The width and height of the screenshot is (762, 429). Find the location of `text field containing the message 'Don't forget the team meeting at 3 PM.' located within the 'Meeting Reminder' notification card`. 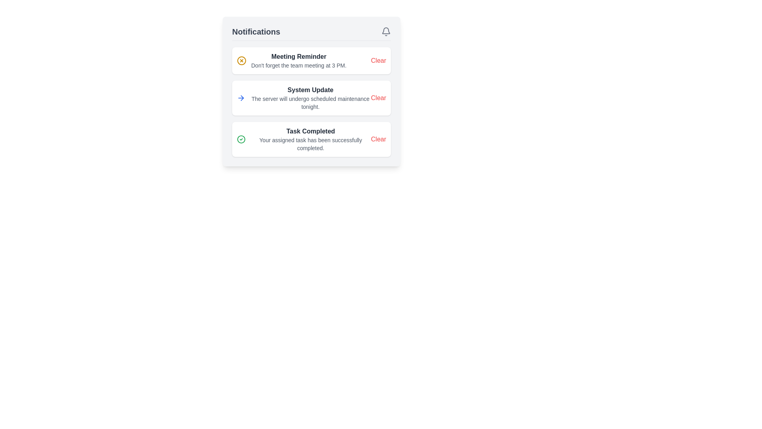

text field containing the message 'Don't forget the team meeting at 3 PM.' located within the 'Meeting Reminder' notification card is located at coordinates (298, 65).